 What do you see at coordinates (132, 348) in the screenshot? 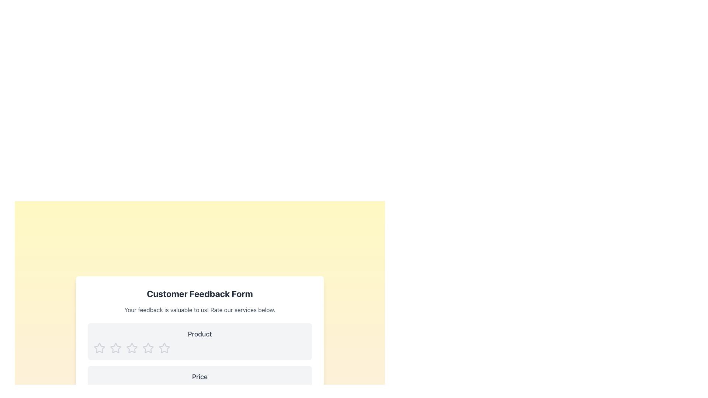
I see `the fourth star icon` at bounding box center [132, 348].